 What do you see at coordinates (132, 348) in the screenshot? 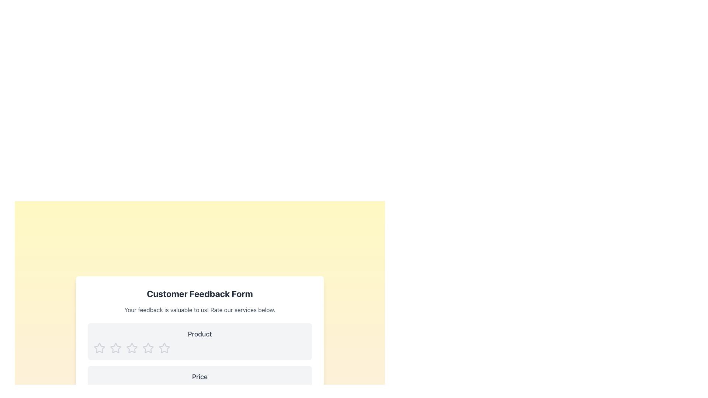
I see `the fourth star icon` at bounding box center [132, 348].